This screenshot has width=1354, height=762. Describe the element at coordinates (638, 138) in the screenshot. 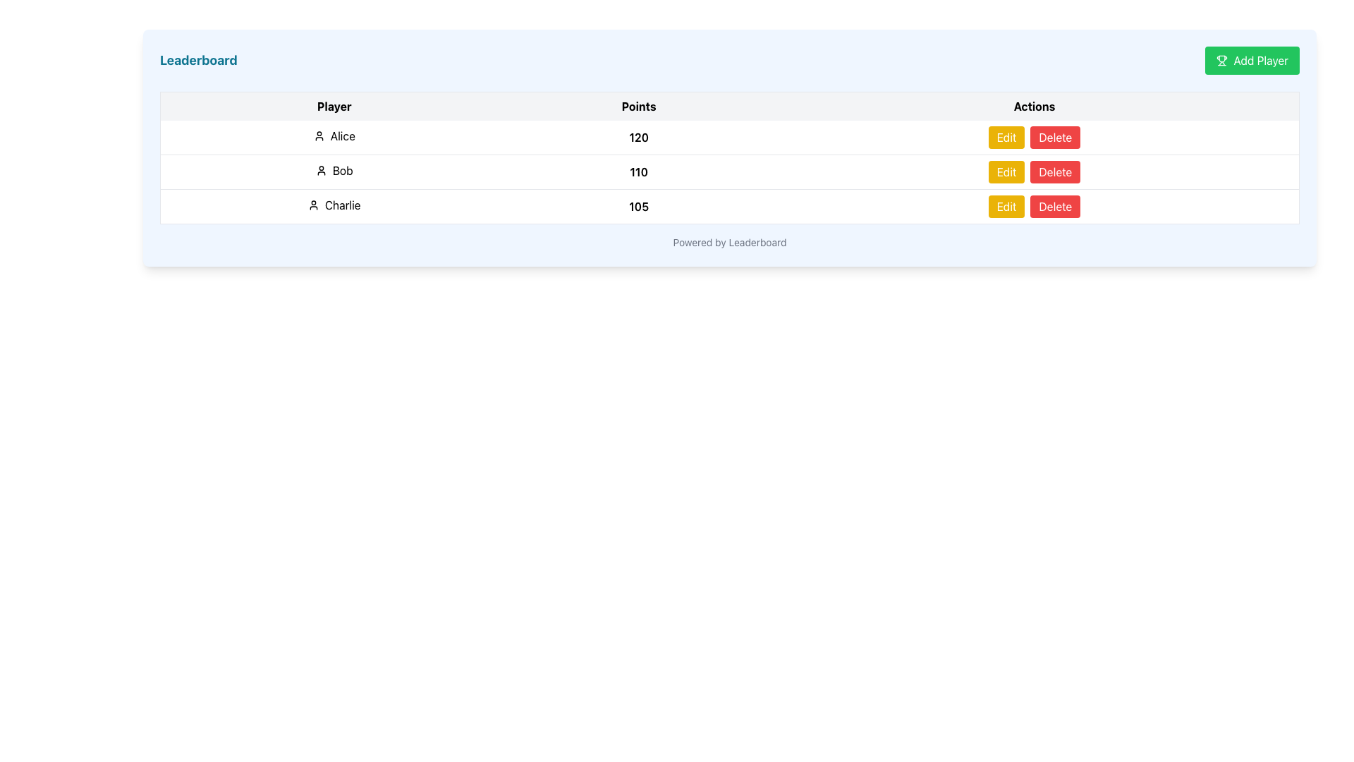

I see `the text display field that shows the numeric score for user 'Alice' in the leaderboard, located in the 'Points' column of the first row` at that location.